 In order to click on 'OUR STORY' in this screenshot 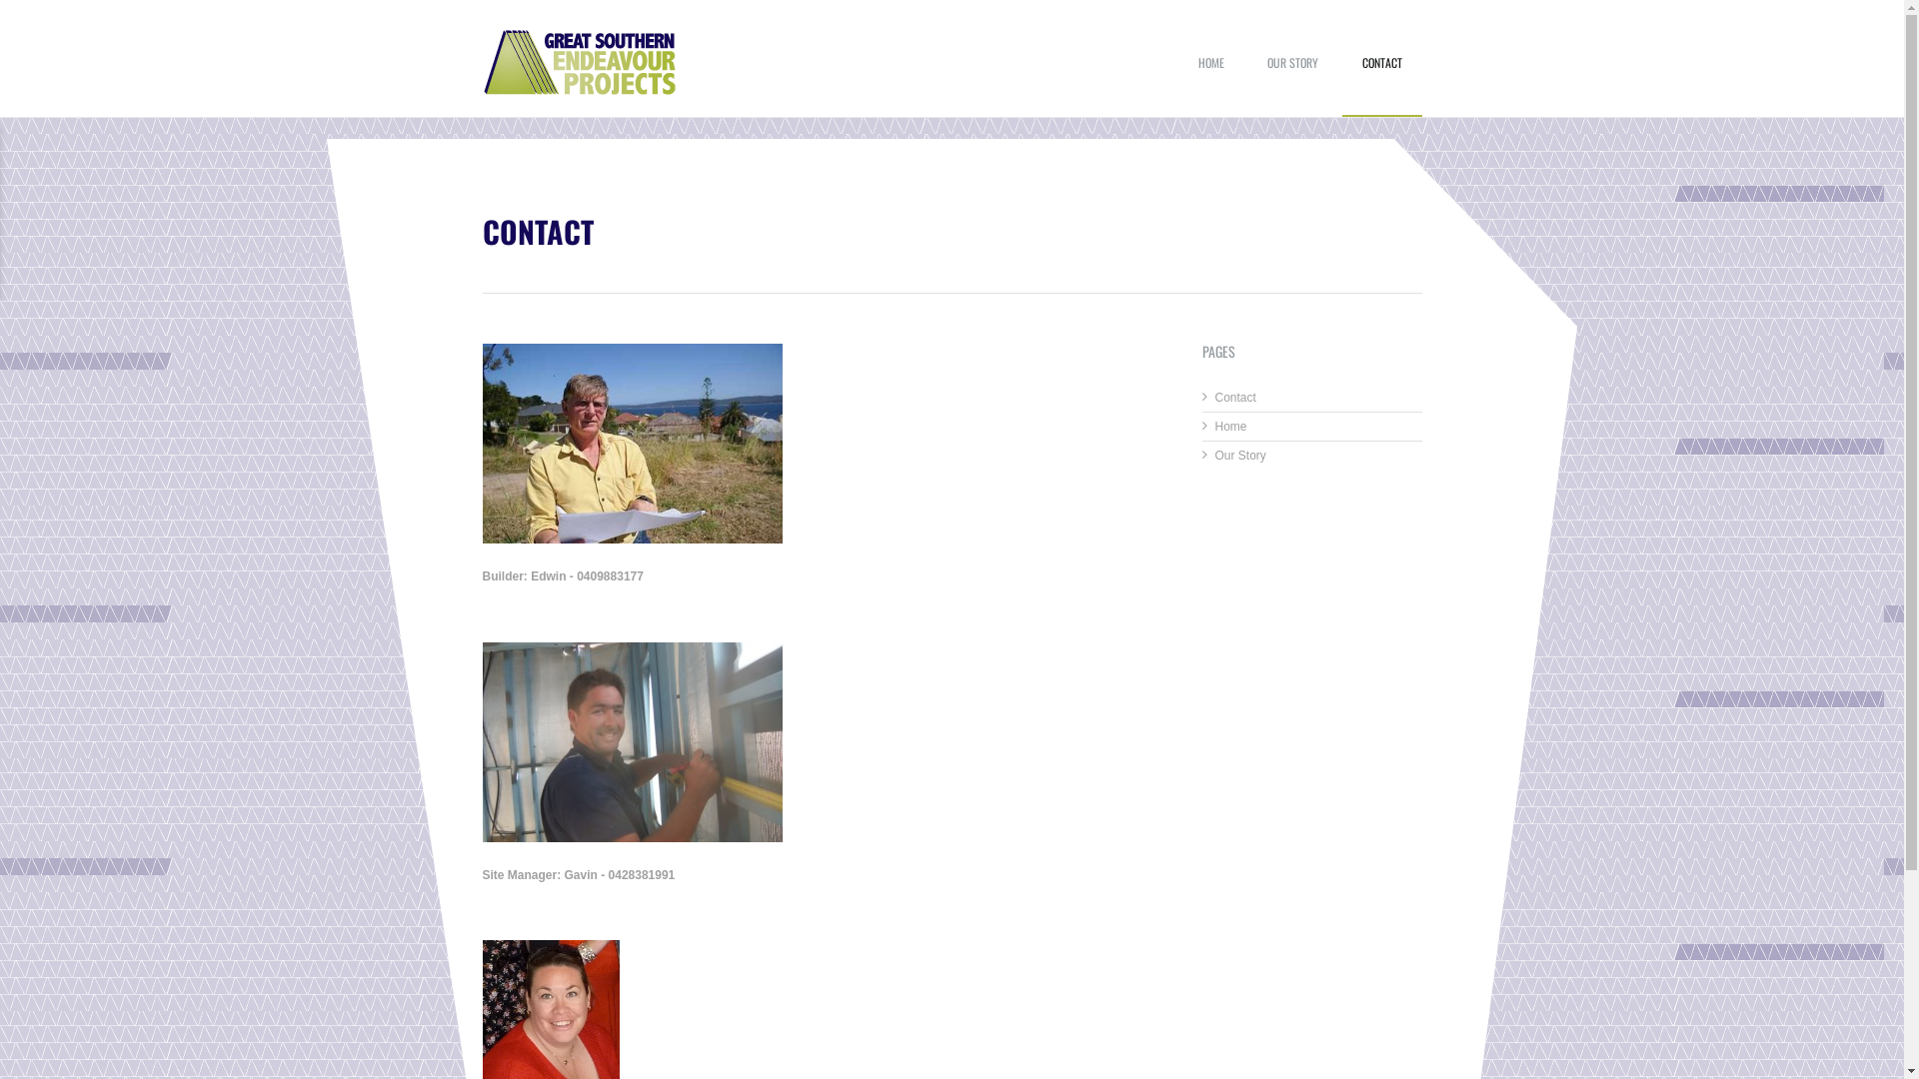, I will do `click(1292, 79)`.